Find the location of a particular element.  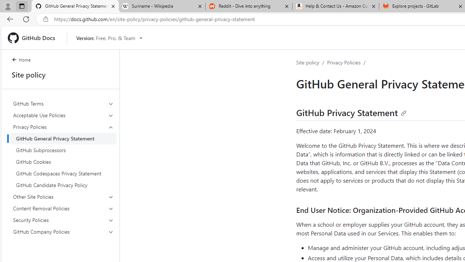

'Security Policies' is located at coordinates (63, 219).